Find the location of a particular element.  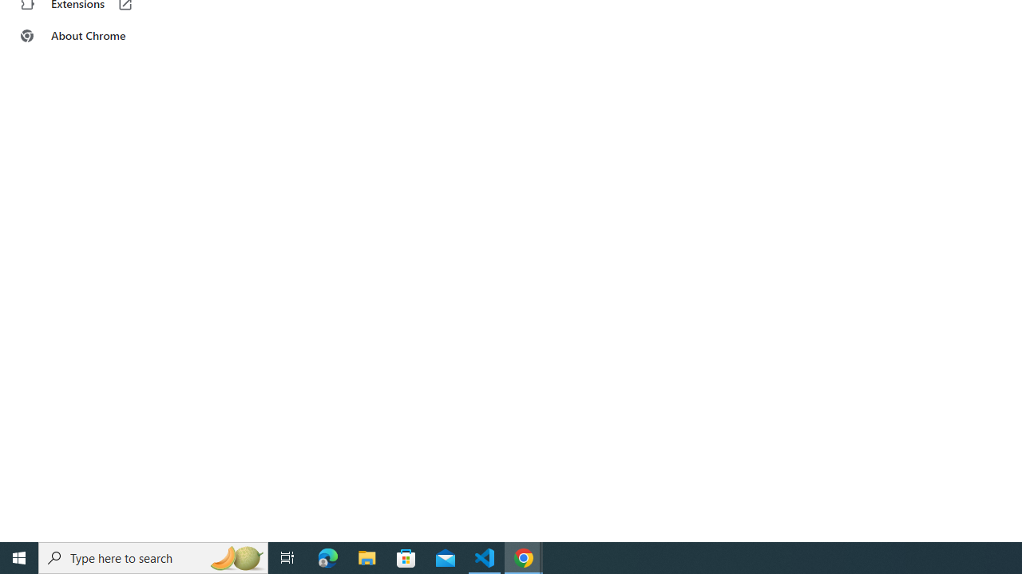

'Microsoft Store' is located at coordinates (406, 556).